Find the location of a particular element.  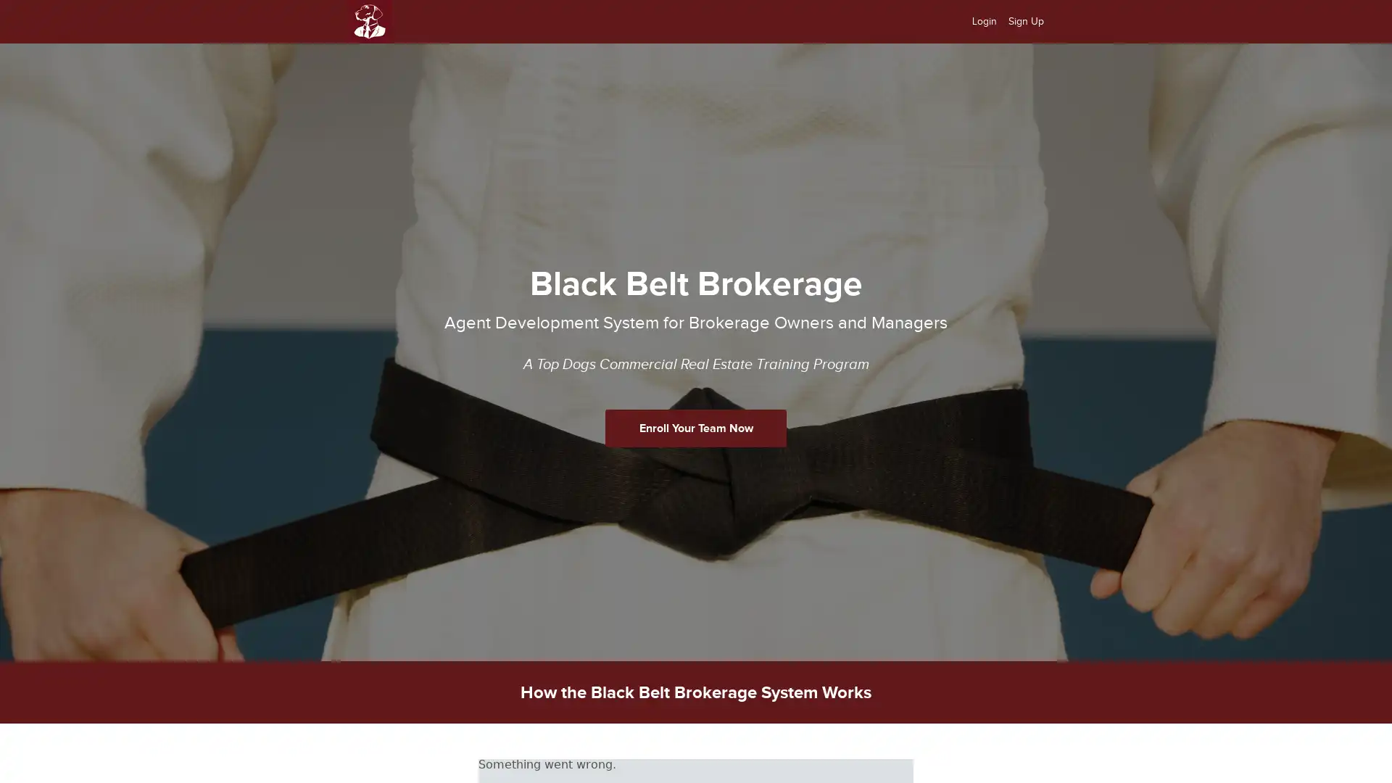

Enroll Your Team Now is located at coordinates (696, 427).